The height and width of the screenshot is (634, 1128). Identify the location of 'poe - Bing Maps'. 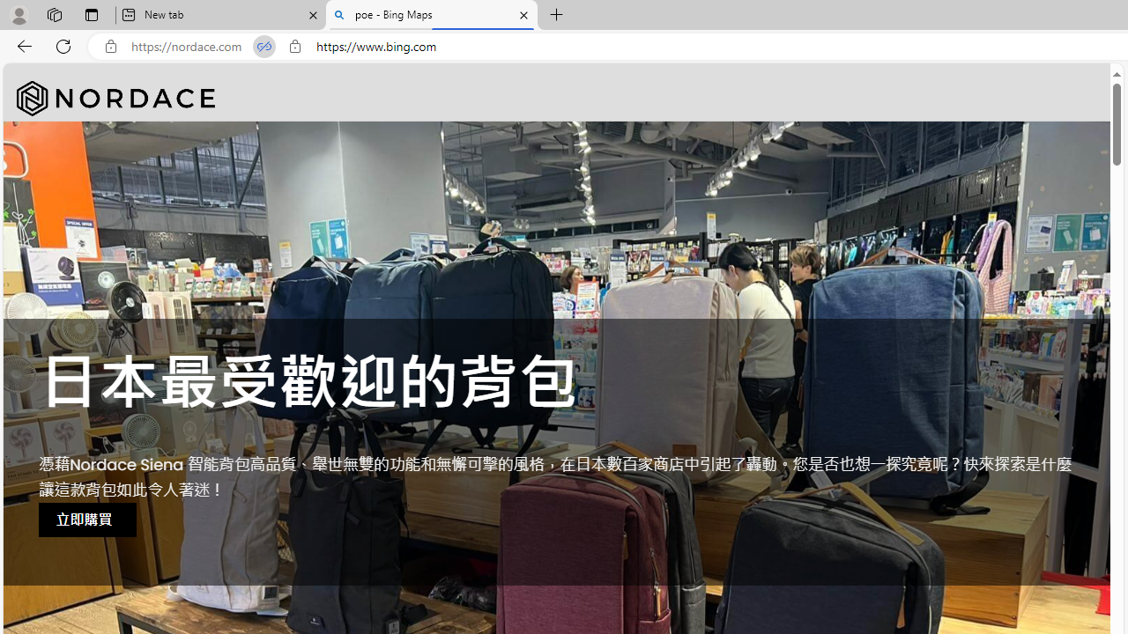
(432, 15).